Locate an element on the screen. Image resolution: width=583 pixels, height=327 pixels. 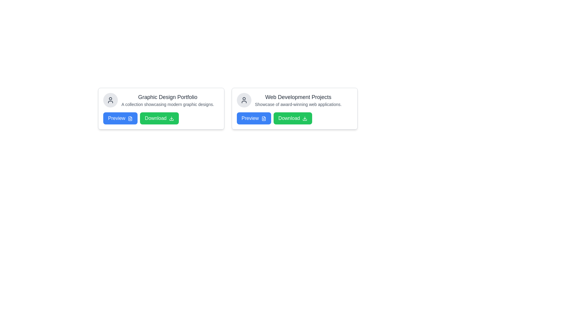
title text displayed in the top section of the card, located on the right side within a two-card layout is located at coordinates (298, 97).